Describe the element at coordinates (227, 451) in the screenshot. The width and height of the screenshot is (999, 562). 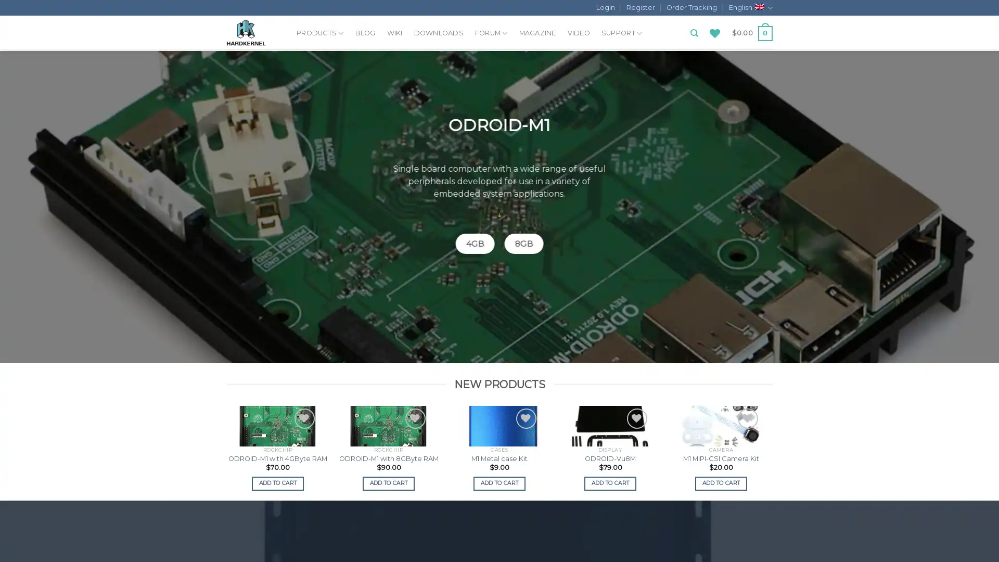
I see `Previous` at that location.